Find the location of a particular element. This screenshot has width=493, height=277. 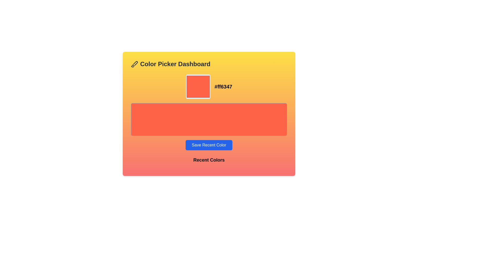

the color display panel, which is a rectangular section with a red background color (#ff6347), located centrally within a gradient-colored panel, positioned above the blue button labeled 'Save Recent Color' is located at coordinates (209, 112).